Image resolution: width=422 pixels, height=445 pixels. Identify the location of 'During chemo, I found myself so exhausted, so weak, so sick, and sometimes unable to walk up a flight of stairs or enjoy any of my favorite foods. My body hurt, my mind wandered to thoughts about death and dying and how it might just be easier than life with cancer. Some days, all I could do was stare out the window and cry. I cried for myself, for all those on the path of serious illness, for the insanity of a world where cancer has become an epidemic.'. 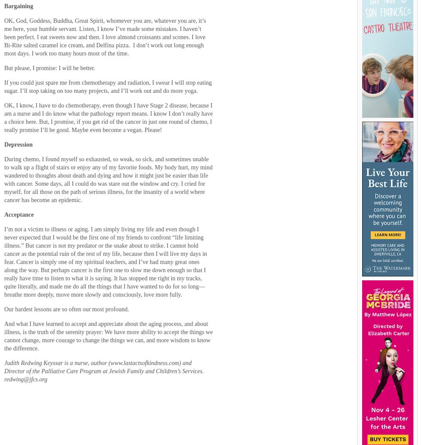
(108, 179).